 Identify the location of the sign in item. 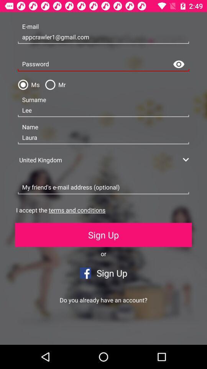
(52, 332).